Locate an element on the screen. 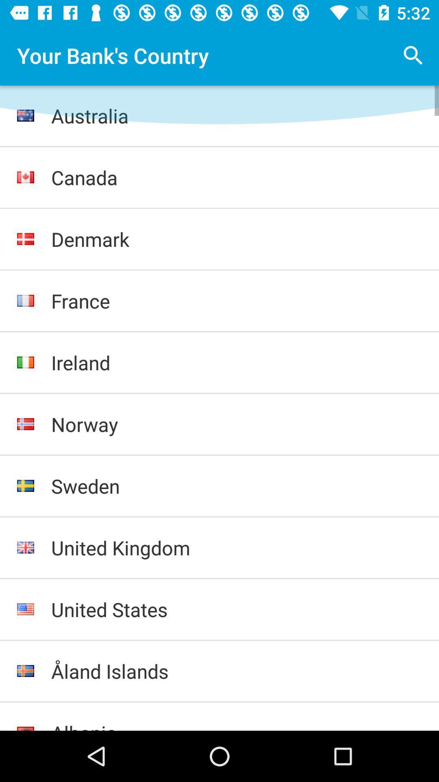 Image resolution: width=439 pixels, height=782 pixels. united states is located at coordinates (237, 609).